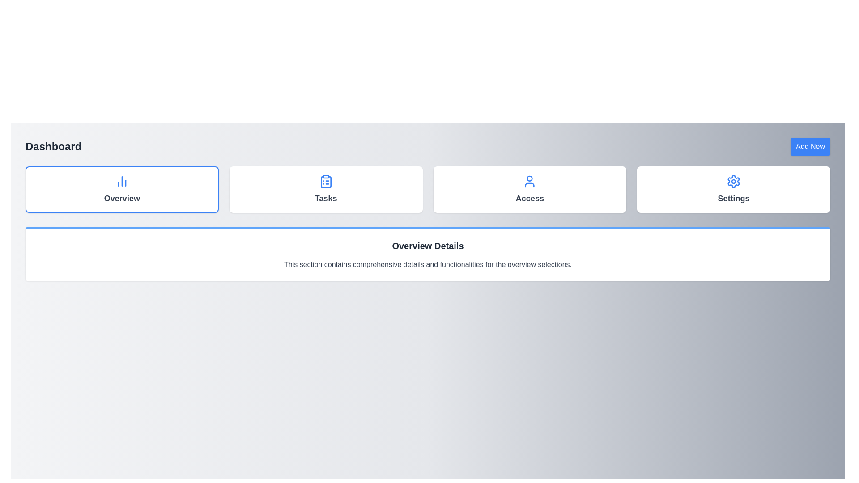 This screenshot has width=859, height=483. Describe the element at coordinates (530, 184) in the screenshot. I see `arc outline of the user profile icon located within the Access card section by using developer tools` at that location.